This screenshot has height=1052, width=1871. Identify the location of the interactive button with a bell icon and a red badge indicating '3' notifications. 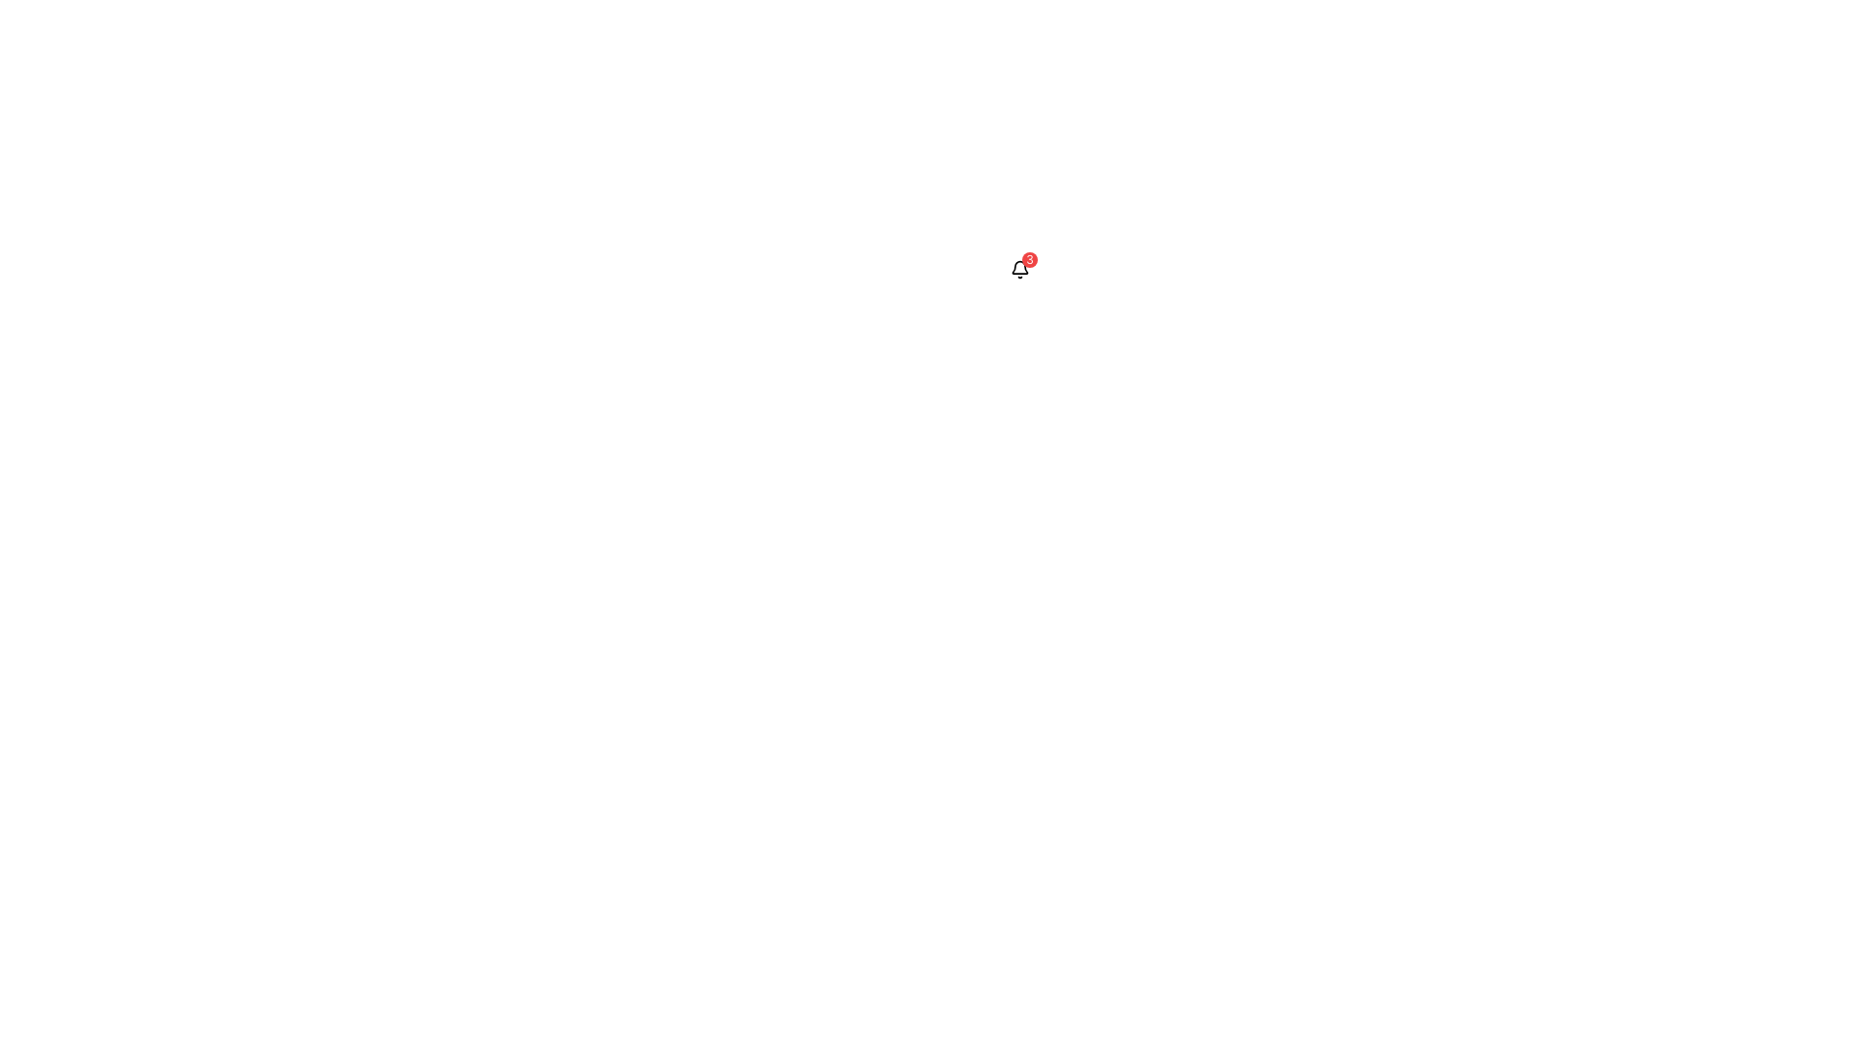
(1018, 270).